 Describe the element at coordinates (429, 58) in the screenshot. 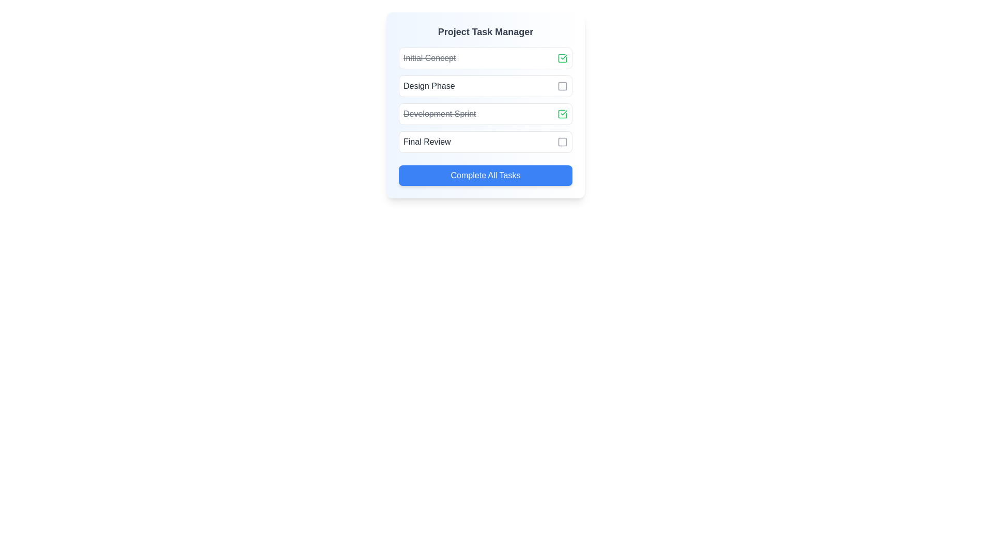

I see `the label displaying the task name 'Initial Concept' which indicates completion with a strikethrough in the 'Project Task Manager' list` at that location.